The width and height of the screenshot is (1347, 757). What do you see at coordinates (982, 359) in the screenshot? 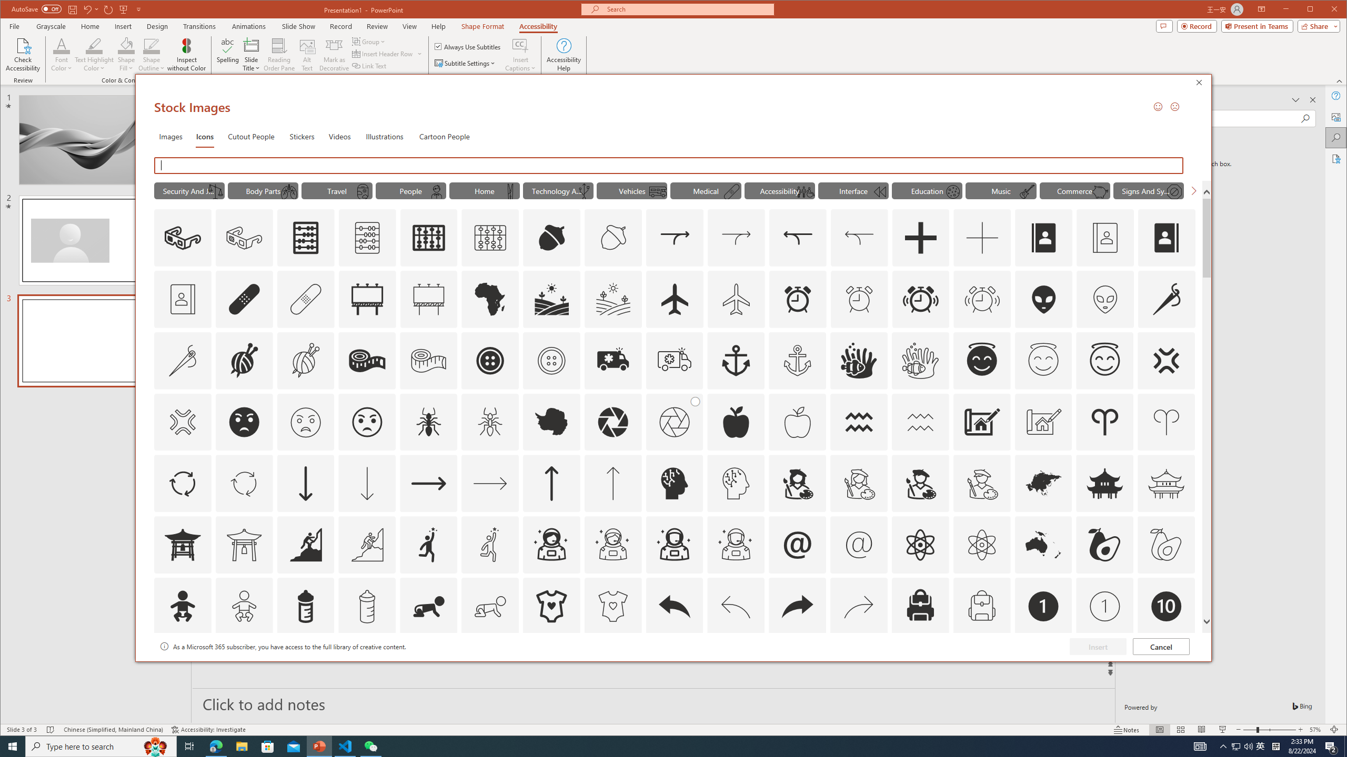
I see `'AutomationID: _134_Angel_Face_A'` at bounding box center [982, 359].